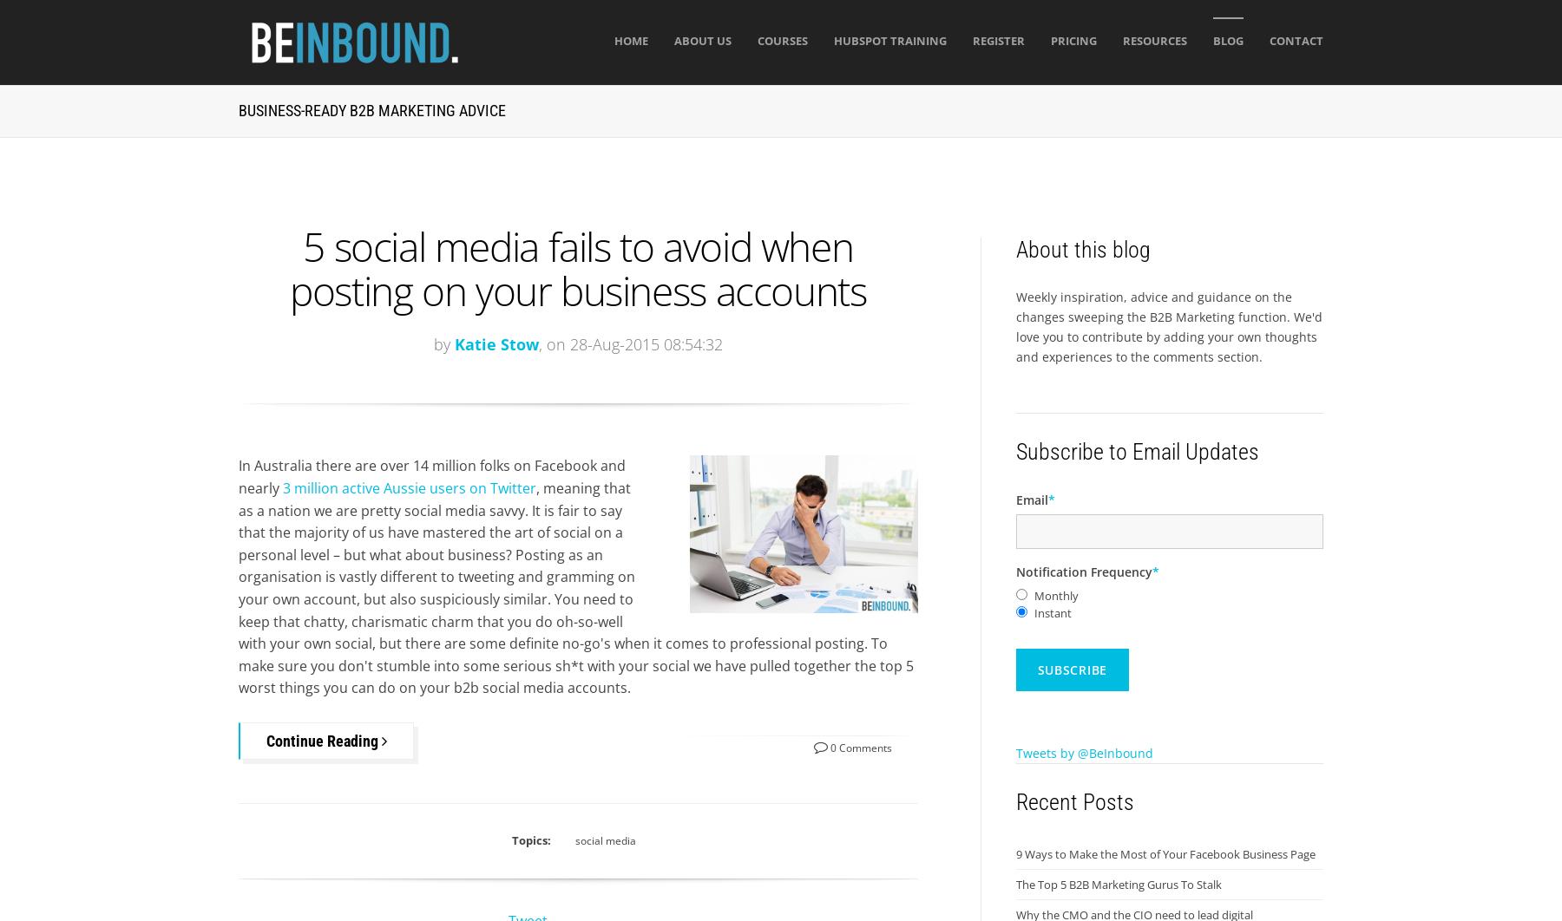 This screenshot has width=1562, height=921. What do you see at coordinates (1226, 41) in the screenshot?
I see `'Blog'` at bounding box center [1226, 41].